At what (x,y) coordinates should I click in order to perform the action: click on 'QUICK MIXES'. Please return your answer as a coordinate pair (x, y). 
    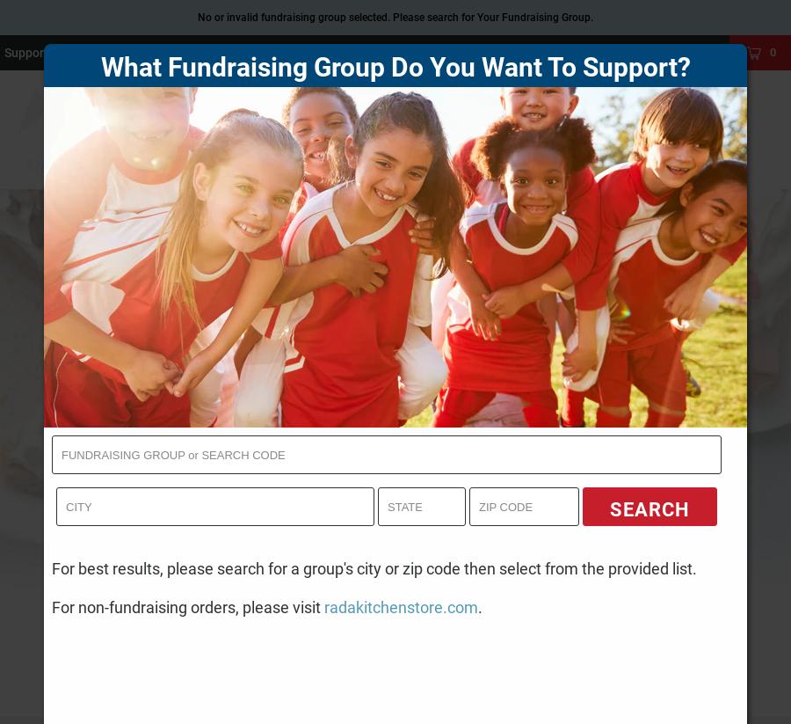
    Looking at the image, I should click on (370, 165).